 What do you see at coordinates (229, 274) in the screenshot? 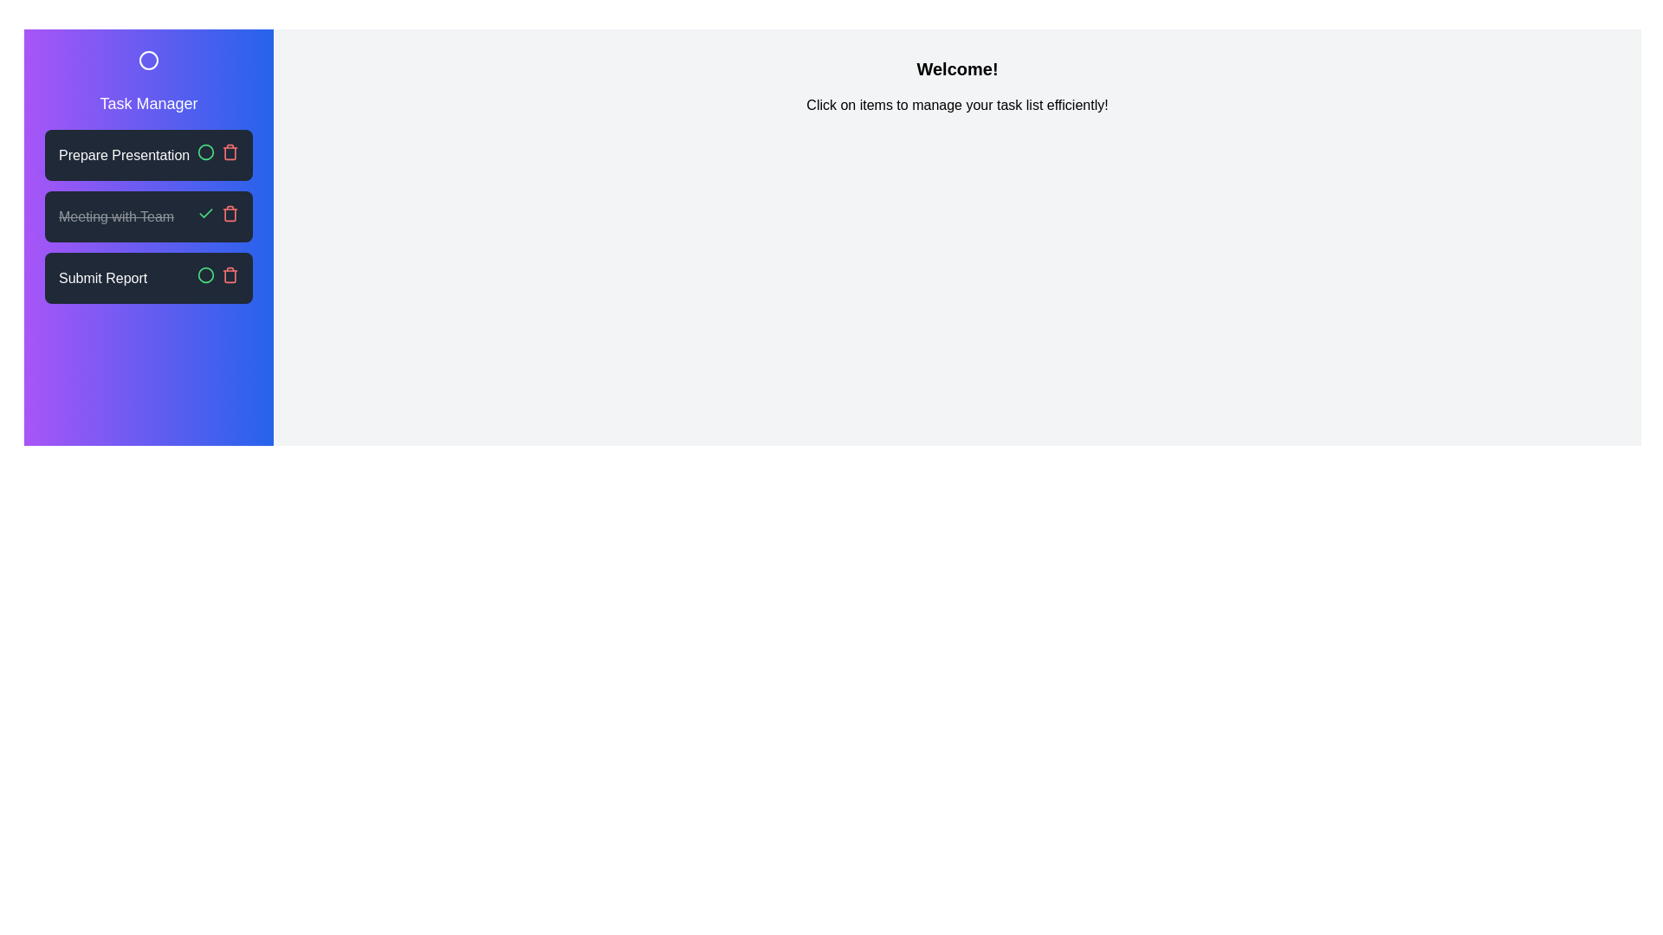
I see `the delete button for the task Submit Report` at bounding box center [229, 274].